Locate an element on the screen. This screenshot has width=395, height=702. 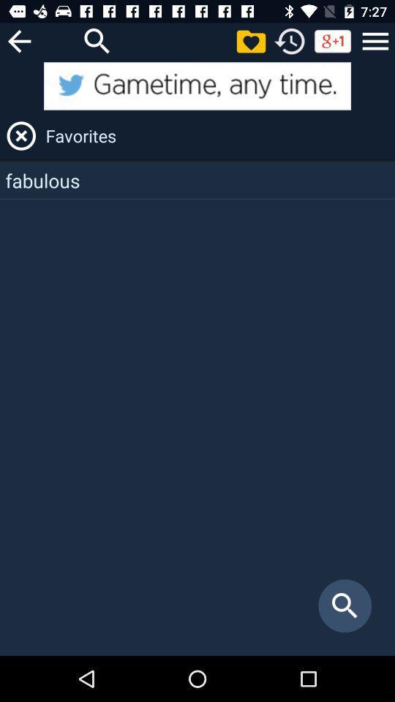
icon at the bottom right corner is located at coordinates (345, 605).